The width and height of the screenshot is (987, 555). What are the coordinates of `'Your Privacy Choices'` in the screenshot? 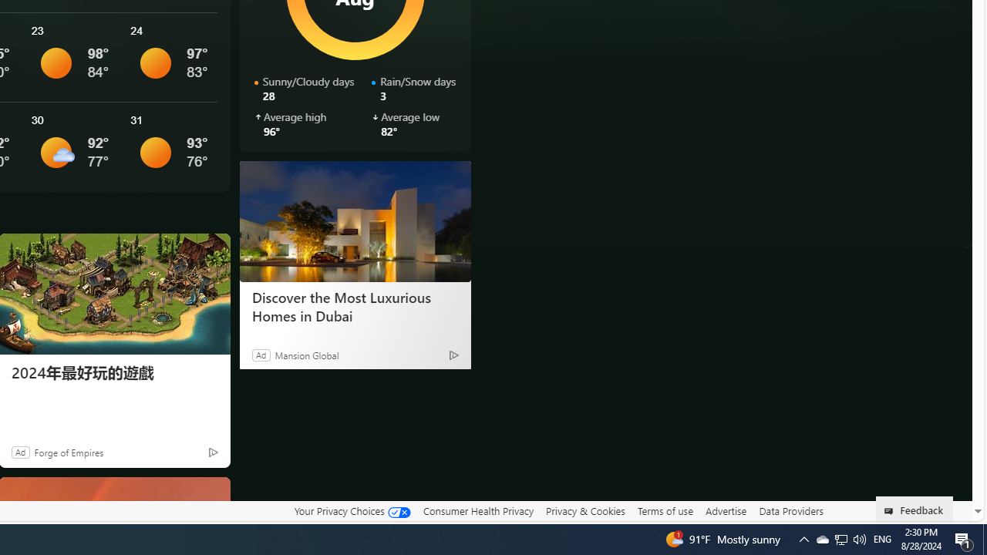 It's located at (351, 510).